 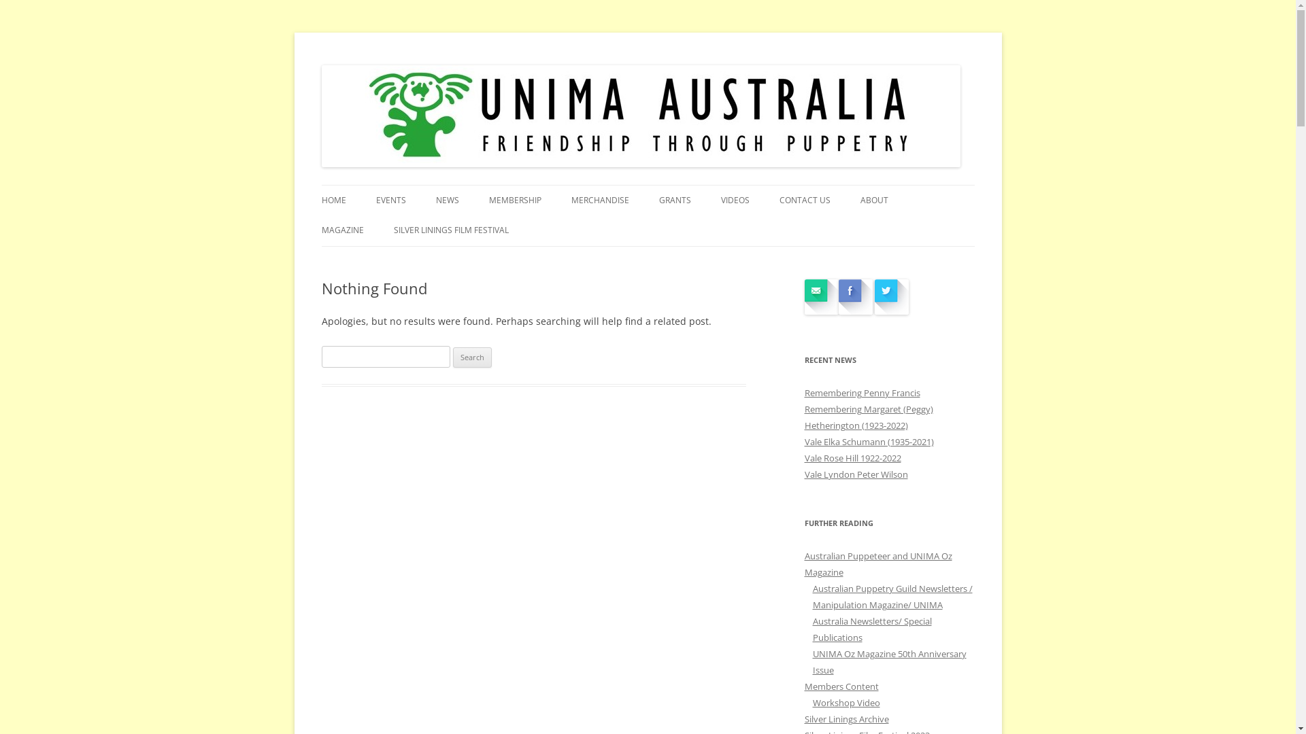 I want to click on 'UNIMAOz on twitter', so click(x=891, y=311).